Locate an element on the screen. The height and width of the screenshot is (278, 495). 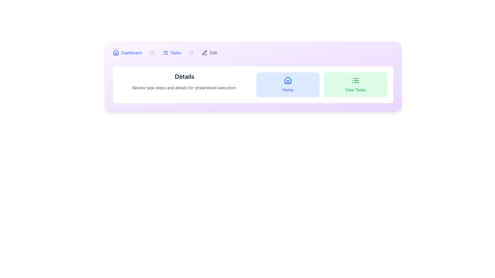
the 'Home' navigation button to observe its hover effects is located at coordinates (288, 84).